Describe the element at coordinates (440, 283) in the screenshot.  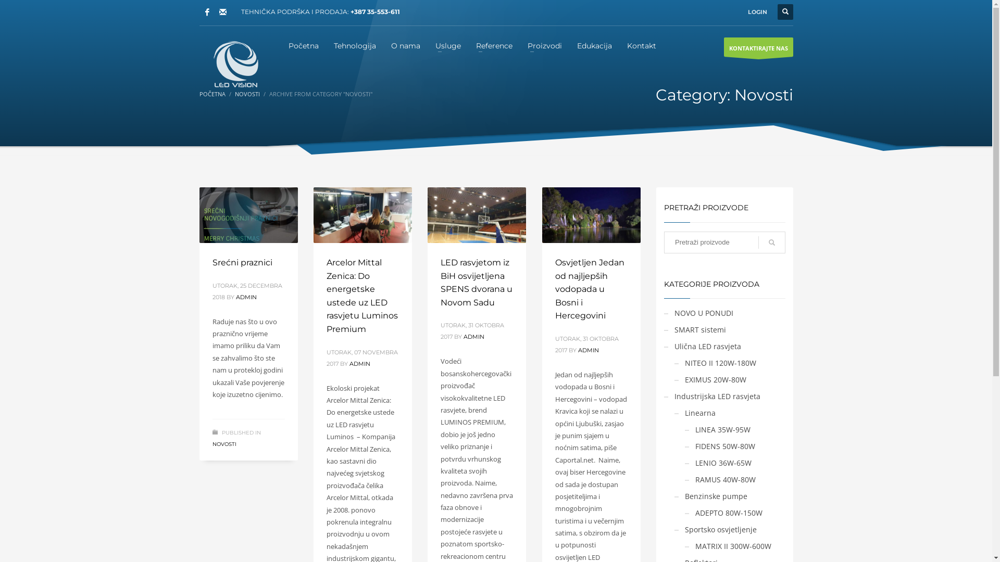
I see `'LED rasvjetom iz BiH osvijetljena SPENS dvorana u Novom Sadu'` at that location.